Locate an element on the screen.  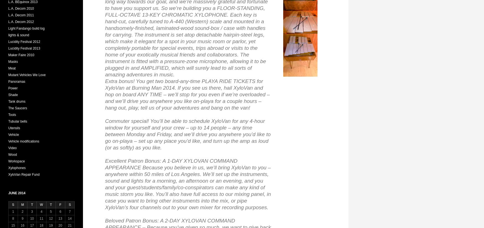
'Excellent Patron Bonus: A 1-DAY XYLOVAN COMMAND APPEARANCE Because you believe in us, we’ll bring XyloVan to you – anywhere within 50 miles of Los Angeles. We’ll set up the instruments, sound and lights for a morning, an afternoon or an evening, and you and your guest/students/family/co-conspirators can make any kind of music storm you like. You’ll also have full access to our mixing panel, in case you want to bring other instruments into the mix, or pipe XyloVan’s four channels out to your own mixer for recording purposes.' is located at coordinates (105, 184).